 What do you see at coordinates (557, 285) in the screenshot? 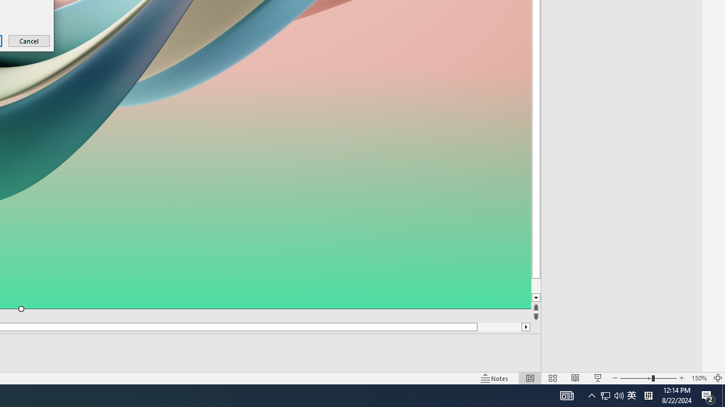
I see `'Page down'` at bounding box center [557, 285].